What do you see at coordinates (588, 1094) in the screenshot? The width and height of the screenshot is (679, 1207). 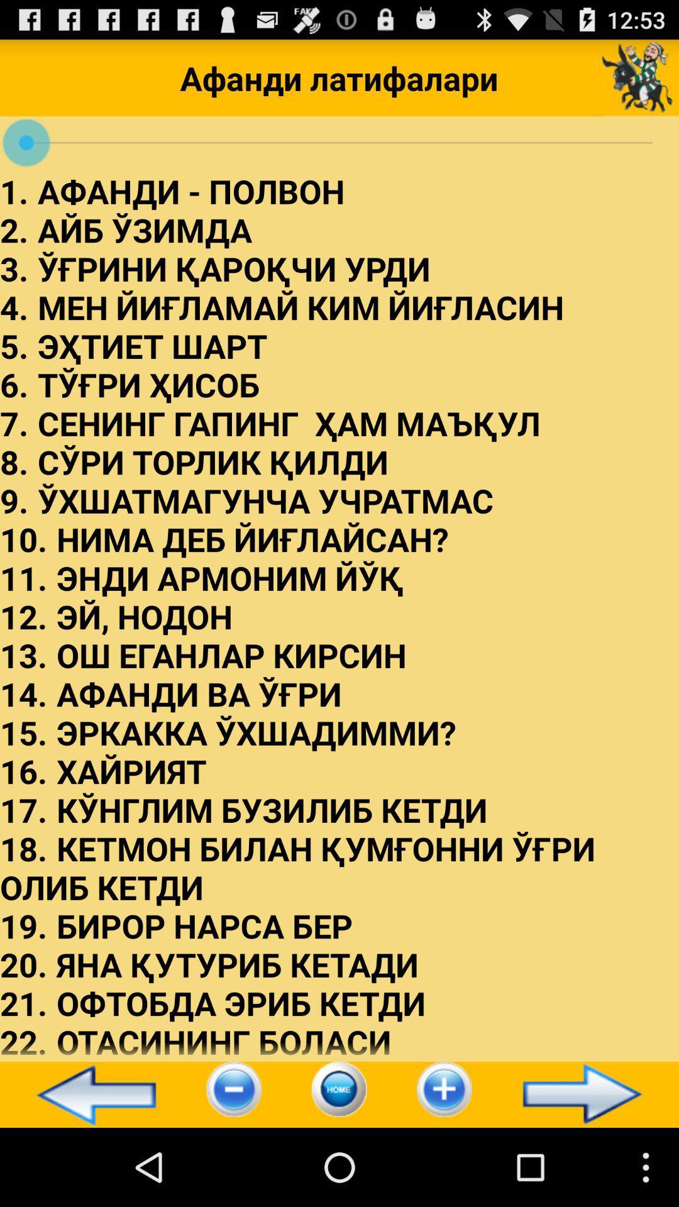 I see `the icon at the bottom right corner` at bounding box center [588, 1094].